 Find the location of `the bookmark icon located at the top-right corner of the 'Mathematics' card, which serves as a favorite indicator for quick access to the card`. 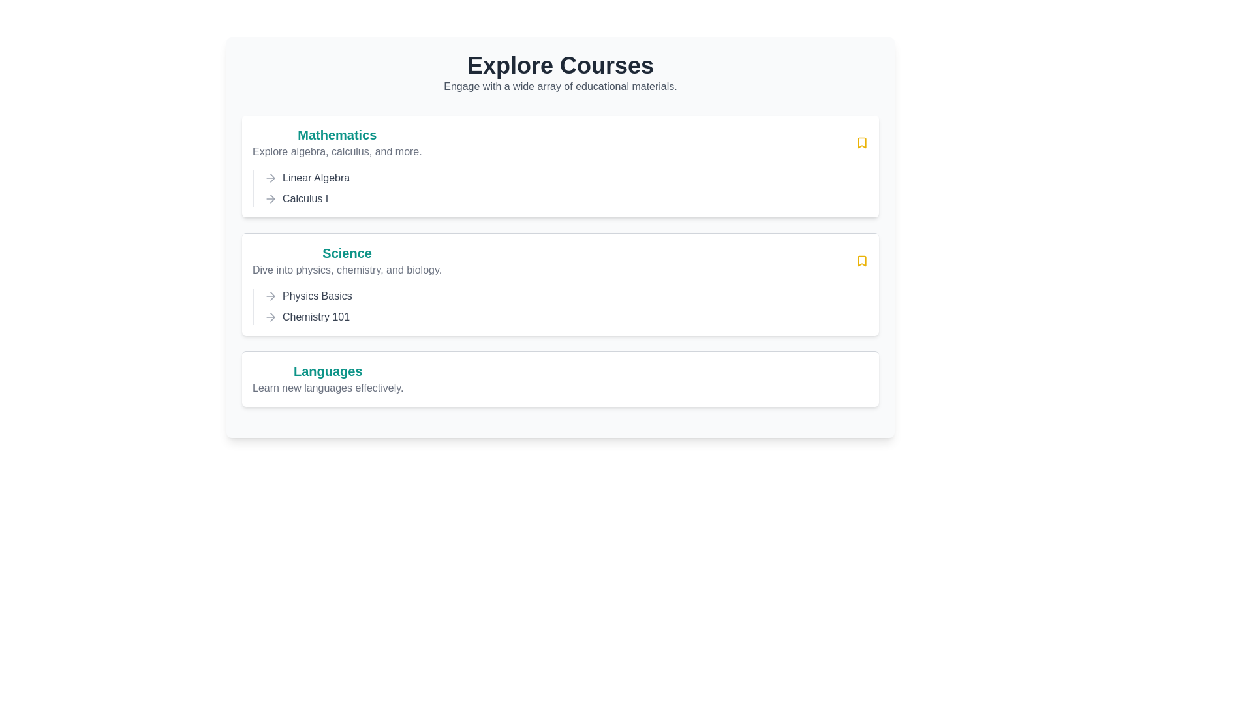

the bookmark icon located at the top-right corner of the 'Mathematics' card, which serves as a favorite indicator for quick access to the card is located at coordinates (861, 143).